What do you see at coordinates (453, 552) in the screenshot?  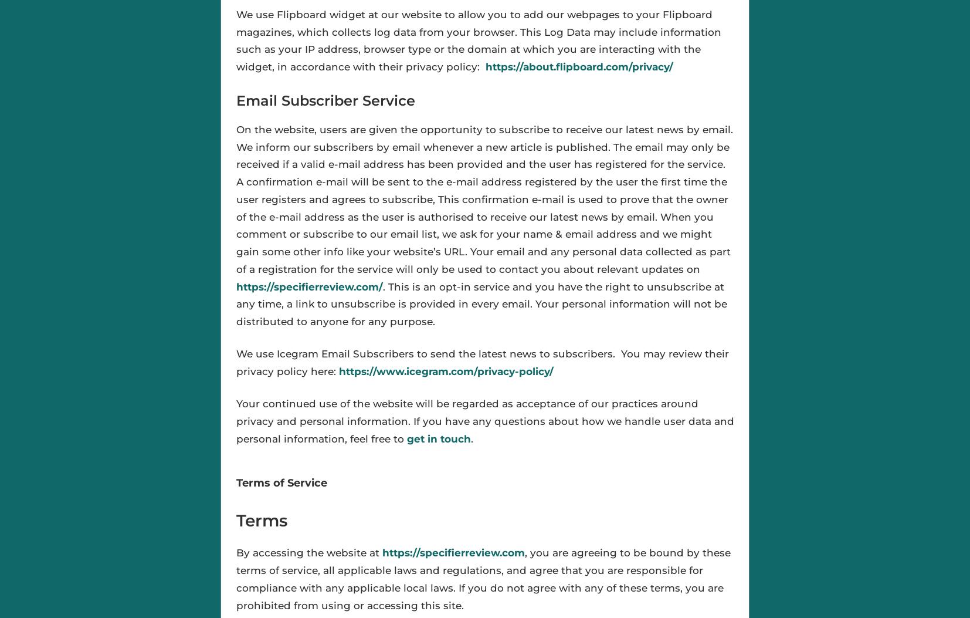 I see `'https://specifierreview.com'` at bounding box center [453, 552].